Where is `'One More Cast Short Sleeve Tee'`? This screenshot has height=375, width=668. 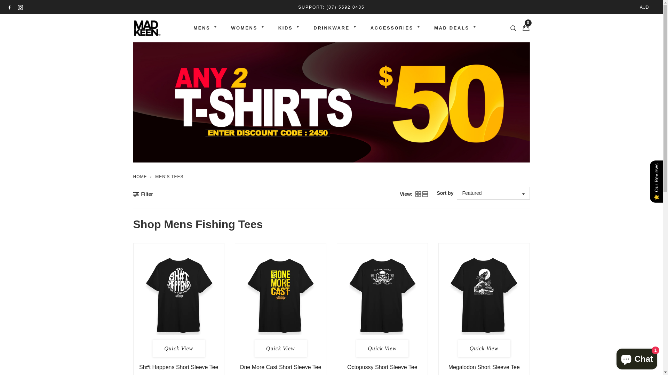 'One More Cast Short Sleeve Tee' is located at coordinates (240, 367).